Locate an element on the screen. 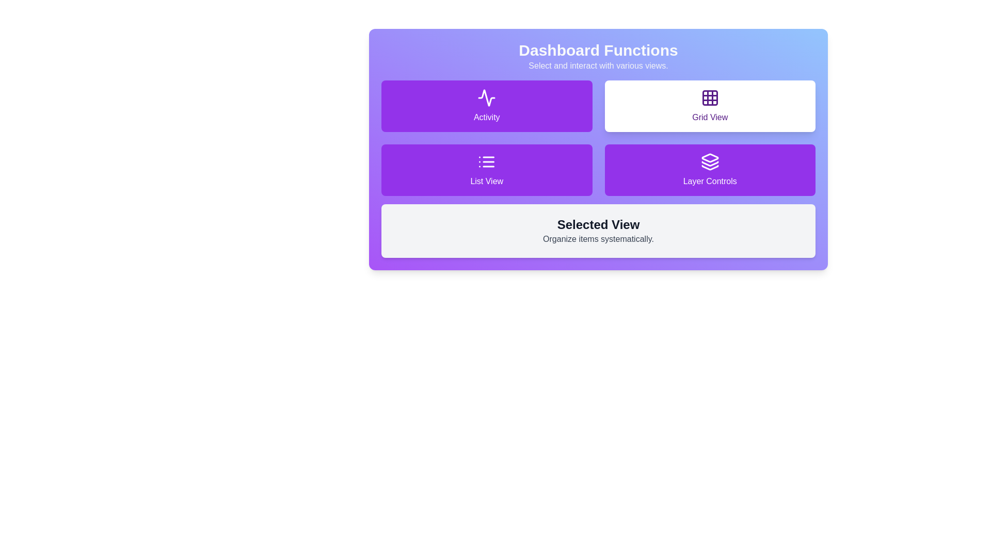 The height and width of the screenshot is (557, 991). the graphical design of the 'Activity' icon situated in the left-most button of the top row in the 'Dashboard Functions' section is located at coordinates (486, 97).